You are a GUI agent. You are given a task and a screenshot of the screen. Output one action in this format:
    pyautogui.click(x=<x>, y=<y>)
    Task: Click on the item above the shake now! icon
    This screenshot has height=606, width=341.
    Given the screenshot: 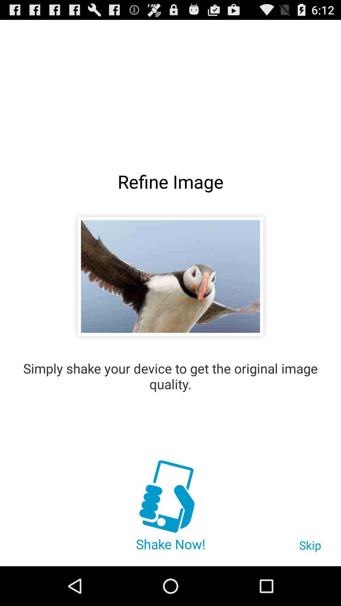 What is the action you would take?
    pyautogui.click(x=170, y=497)
    